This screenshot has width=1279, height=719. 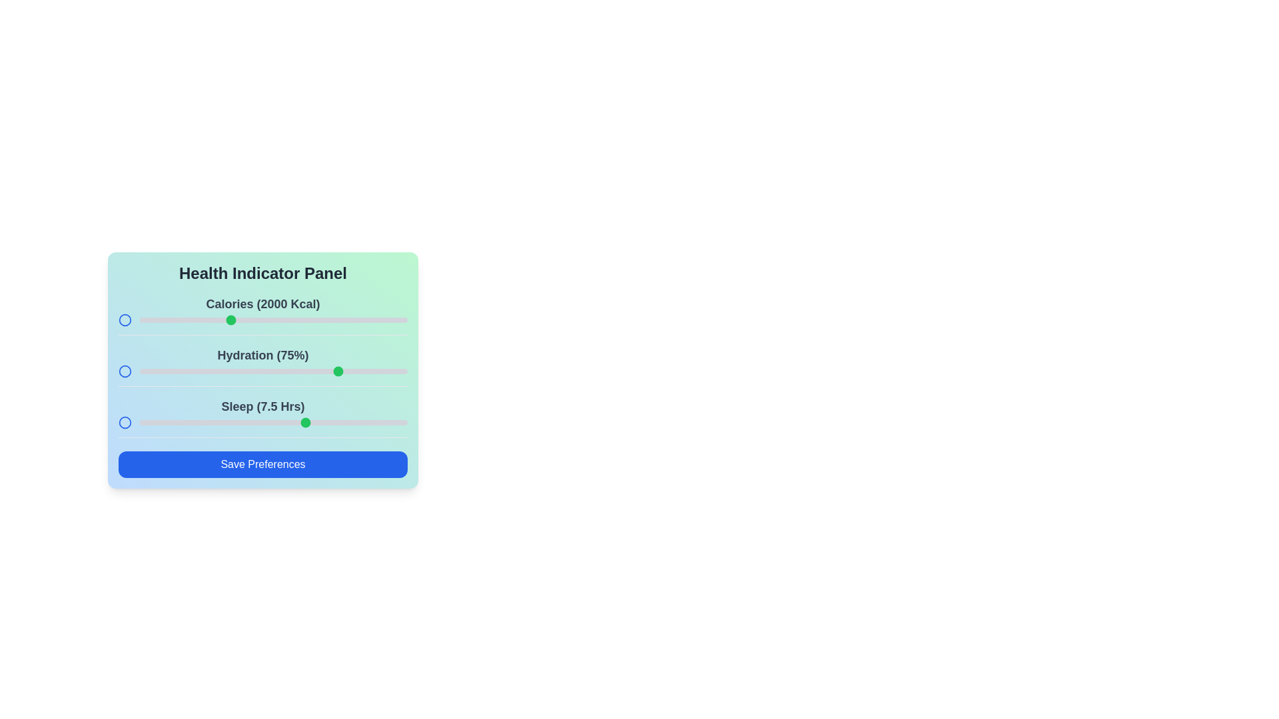 I want to click on the calories slider to 1519 kcal, so click(x=143, y=320).